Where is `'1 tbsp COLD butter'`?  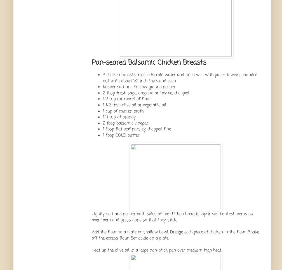 '1 tbsp COLD butter' is located at coordinates (121, 135).